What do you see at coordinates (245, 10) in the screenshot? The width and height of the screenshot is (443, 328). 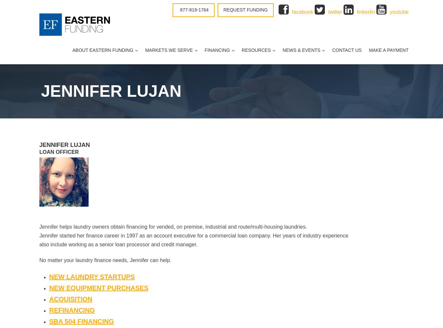 I see `'Request Funding'` at bounding box center [245, 10].